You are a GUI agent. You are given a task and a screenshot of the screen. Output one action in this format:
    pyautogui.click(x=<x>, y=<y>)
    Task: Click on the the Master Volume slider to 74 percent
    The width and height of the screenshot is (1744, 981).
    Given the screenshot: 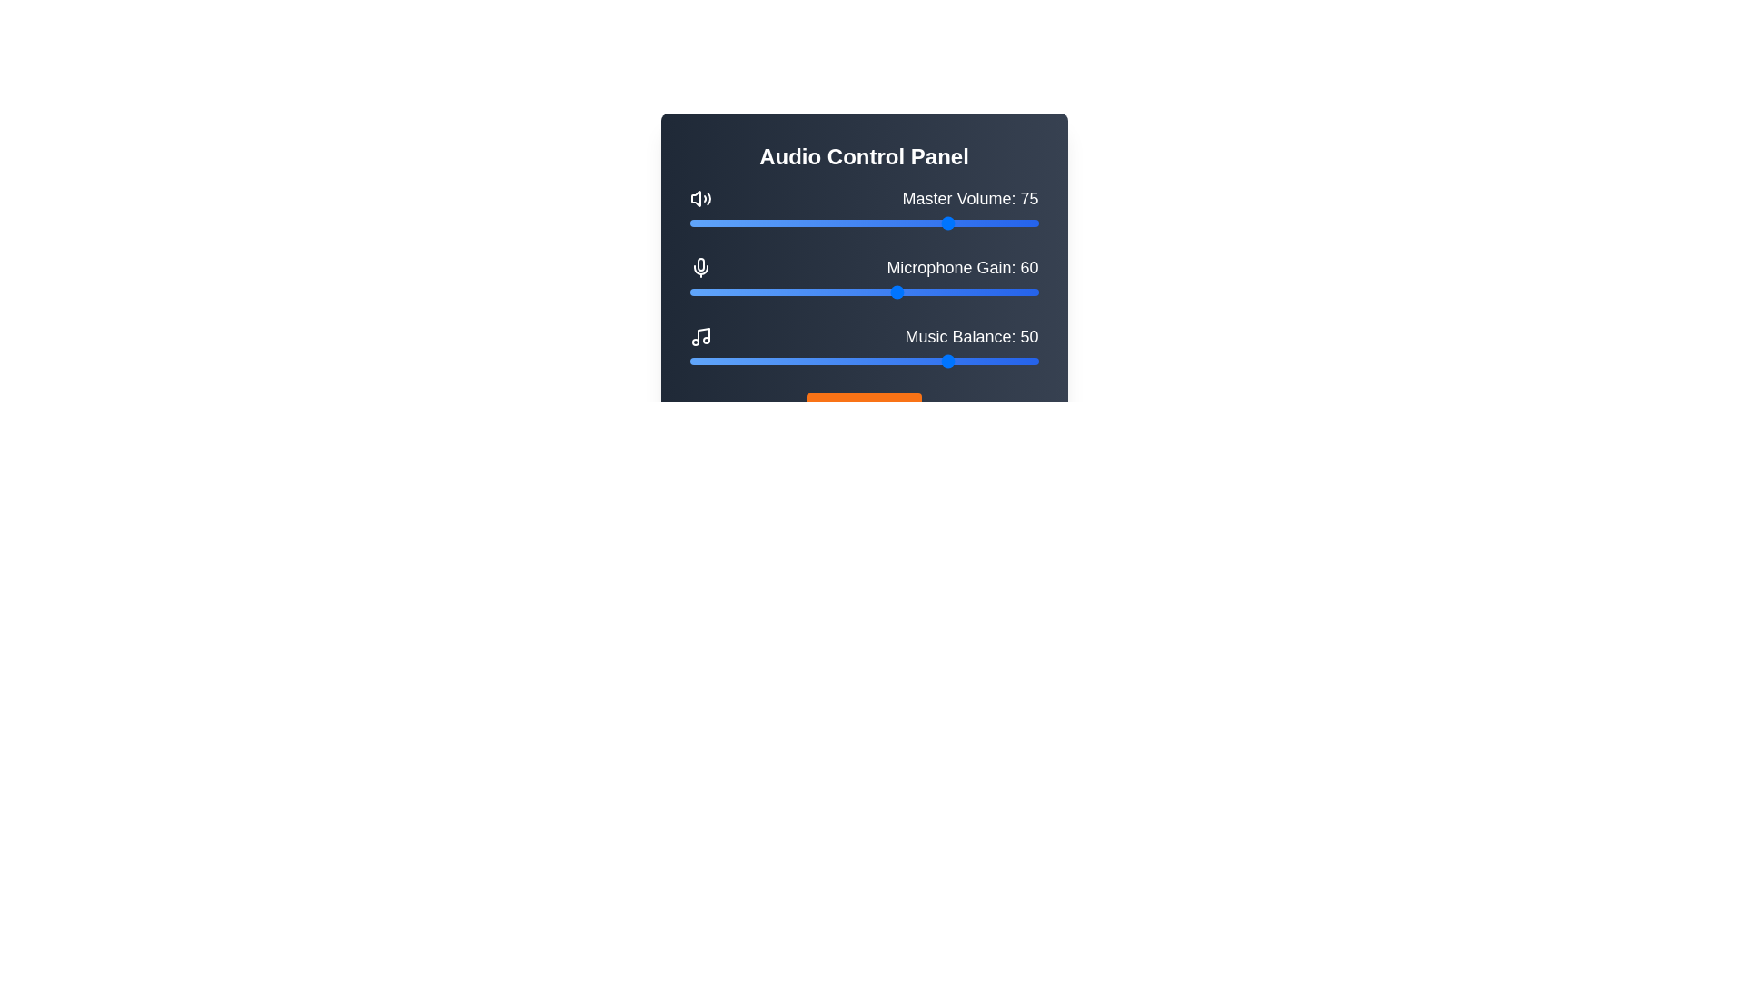 What is the action you would take?
    pyautogui.click(x=946, y=223)
    